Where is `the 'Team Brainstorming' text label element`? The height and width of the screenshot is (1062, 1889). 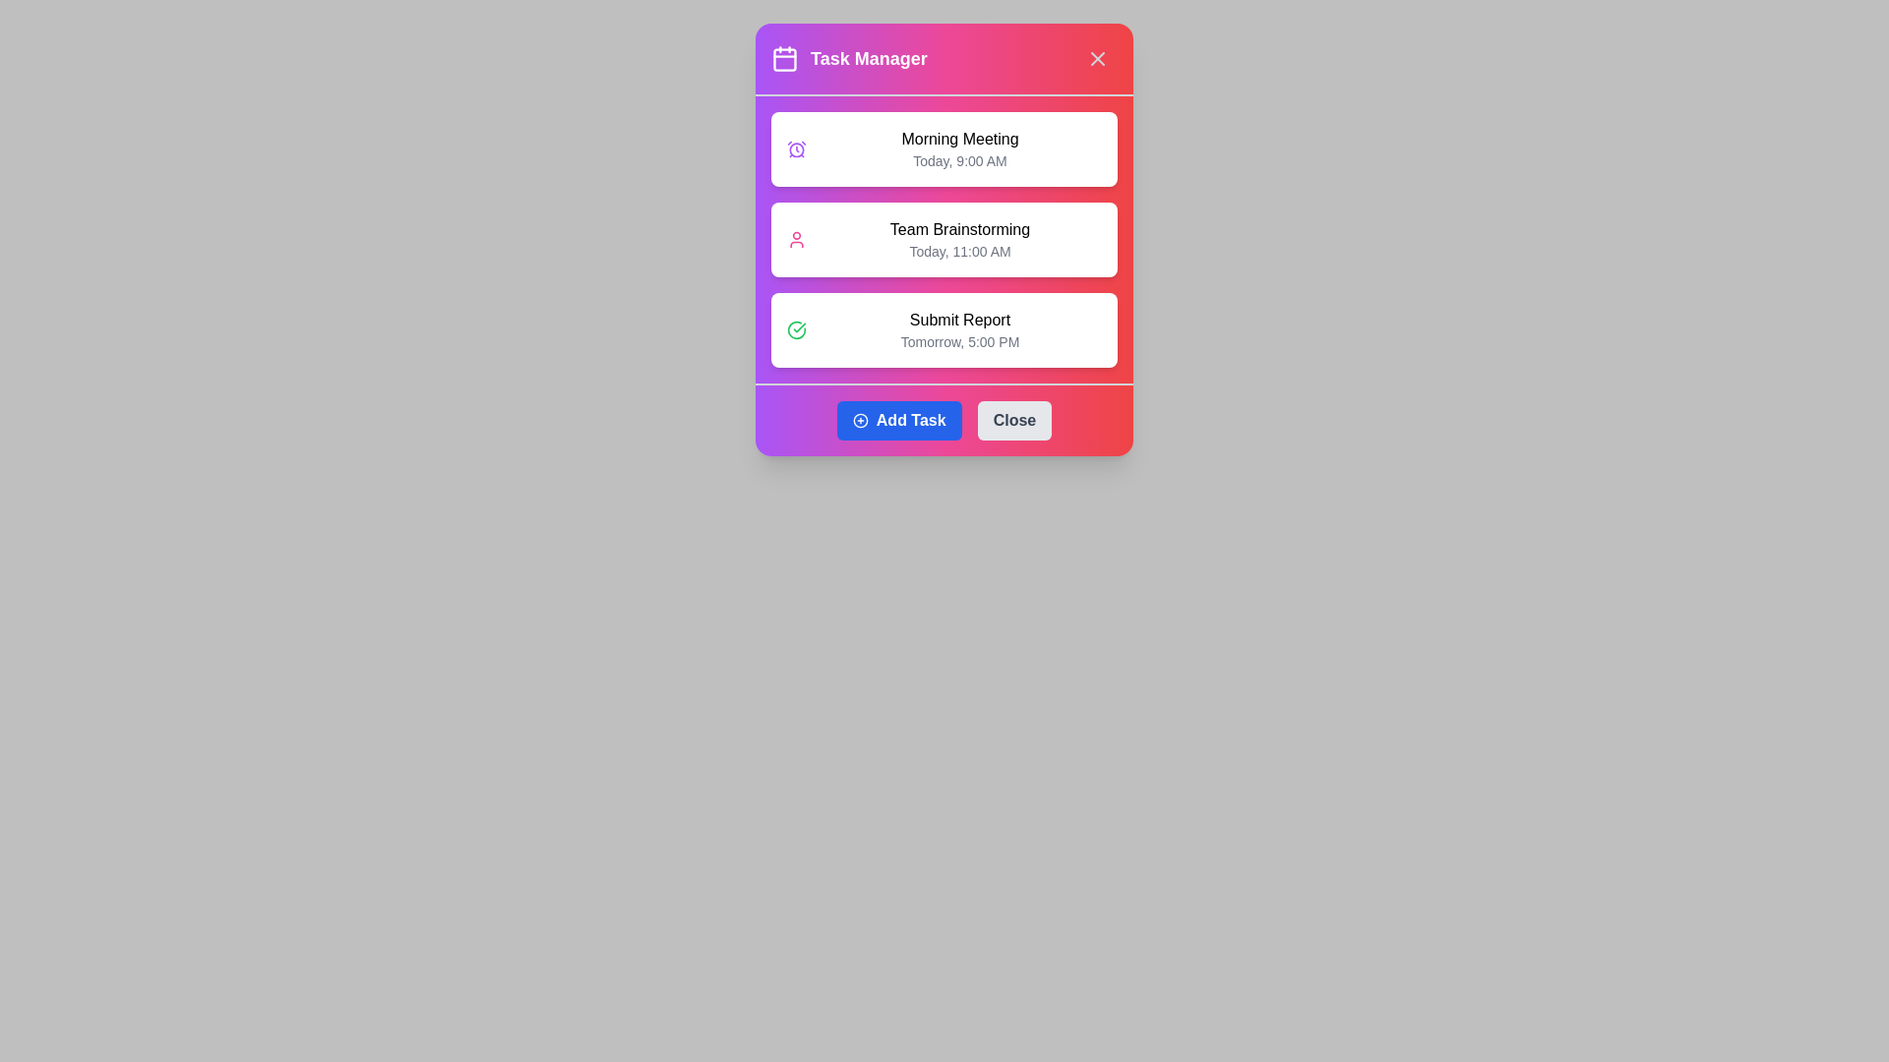
the 'Team Brainstorming' text label element is located at coordinates (959, 238).